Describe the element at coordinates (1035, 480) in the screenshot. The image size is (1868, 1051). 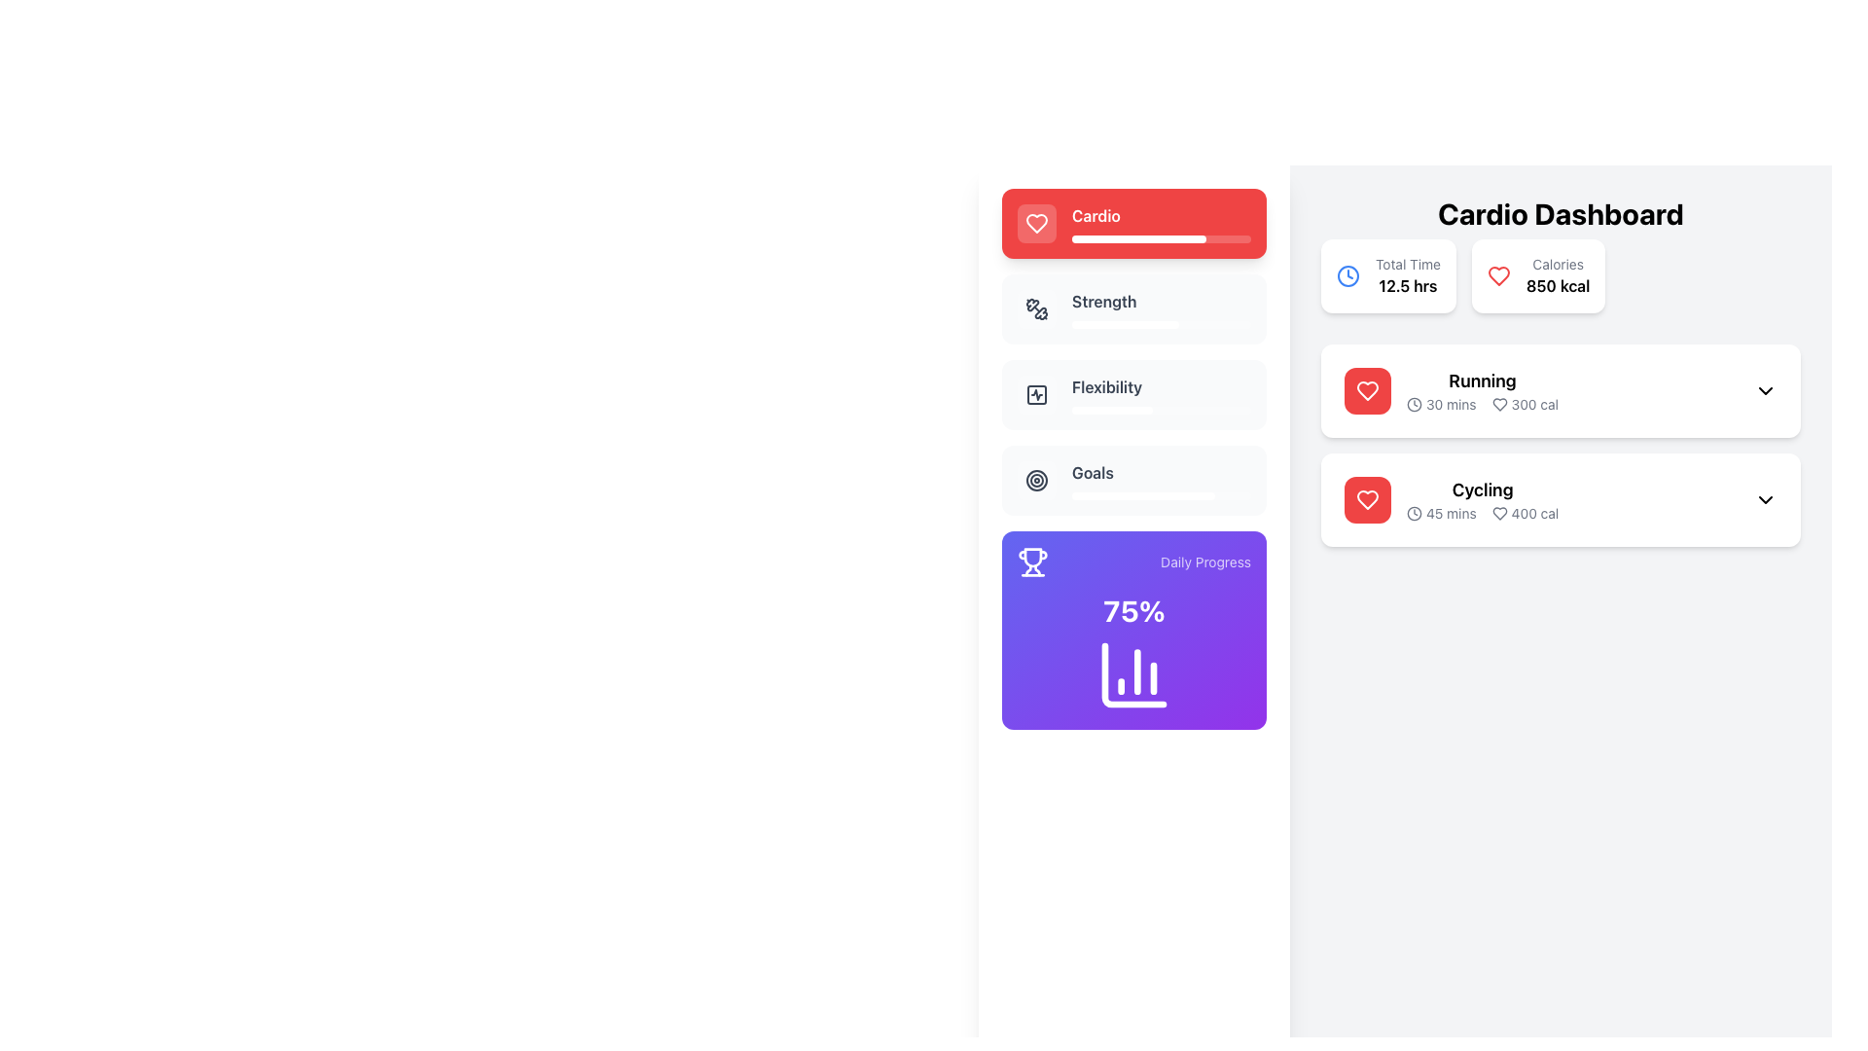
I see `the 'Goals' icon located in the third group of the vertical navigation menu, positioned rightmost next to the text 'Goals'` at that location.